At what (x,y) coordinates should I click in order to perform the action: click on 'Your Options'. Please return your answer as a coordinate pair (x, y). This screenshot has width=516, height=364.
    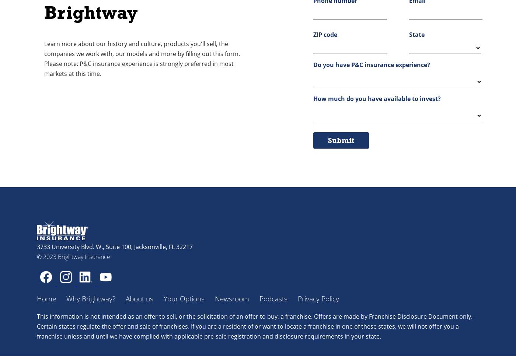
    Looking at the image, I should click on (184, 298).